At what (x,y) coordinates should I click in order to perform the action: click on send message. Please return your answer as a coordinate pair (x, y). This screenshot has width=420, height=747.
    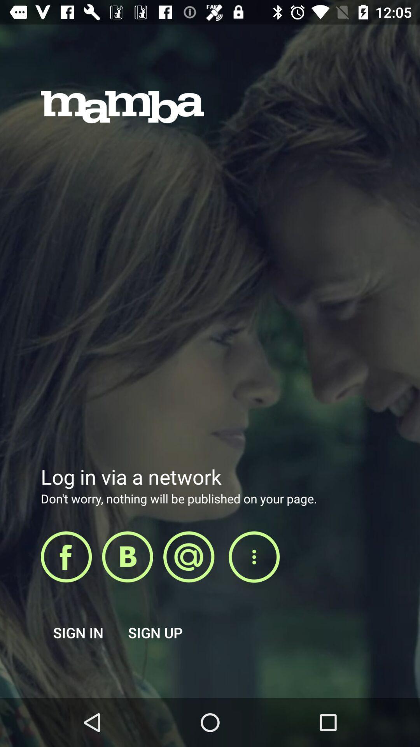
    Looking at the image, I should click on (189, 556).